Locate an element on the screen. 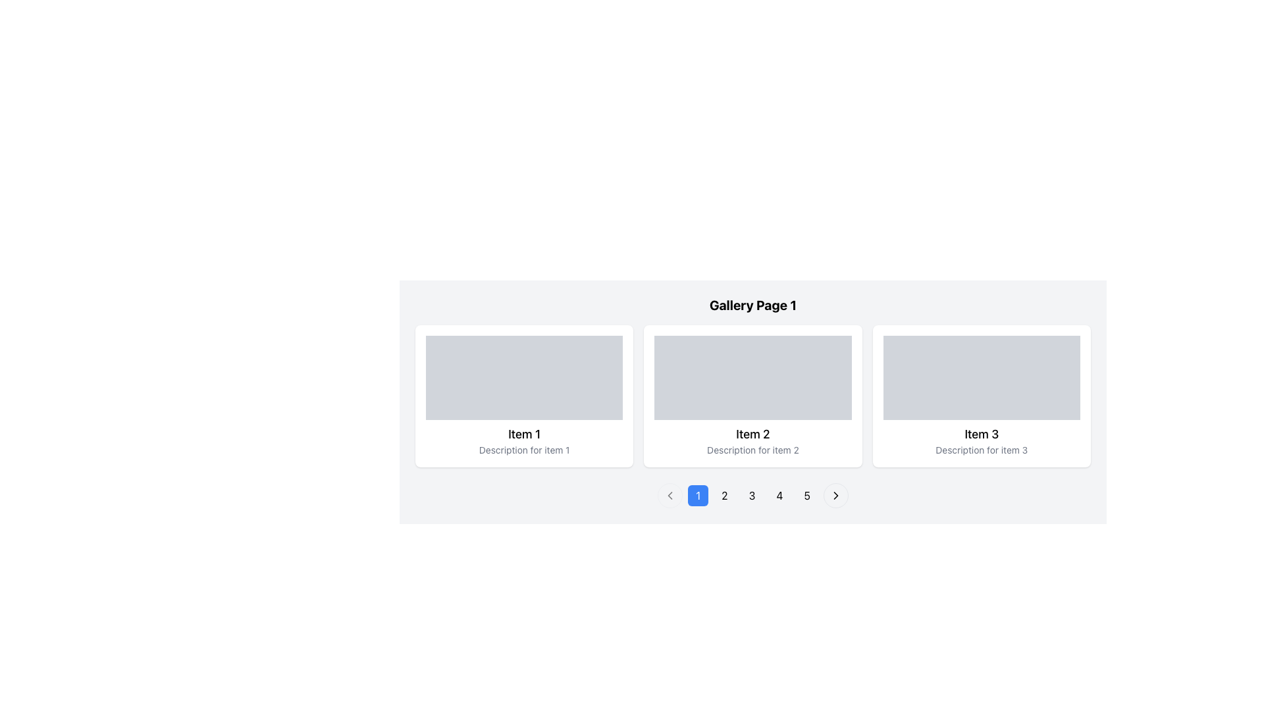  the first pagination button located beneath the gallery items is located at coordinates (697, 495).